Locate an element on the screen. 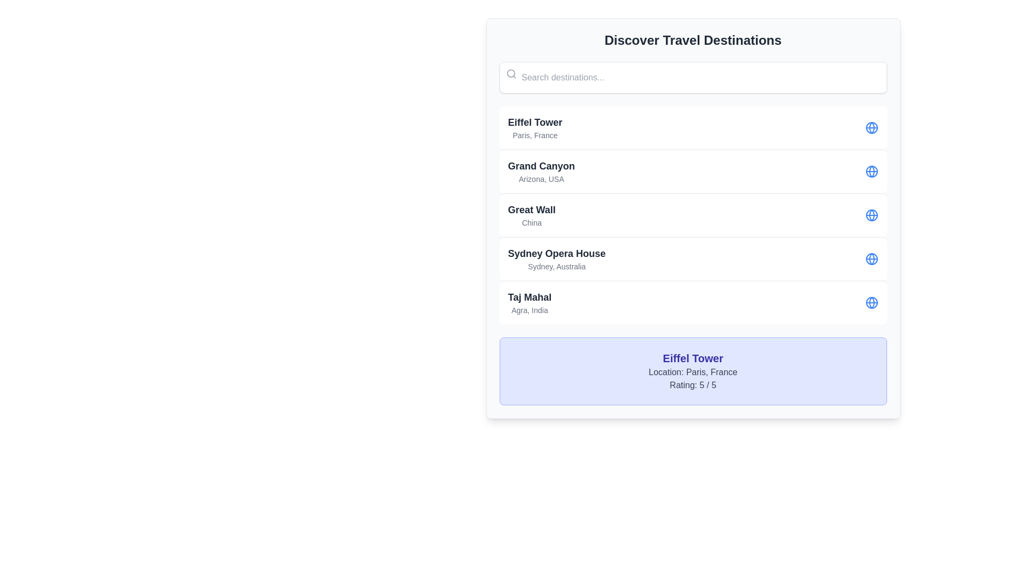  the navigational icon located at the far right of the row labeled 'Sydney Opera House' and 'Sydney, Australia' is located at coordinates (871, 259).